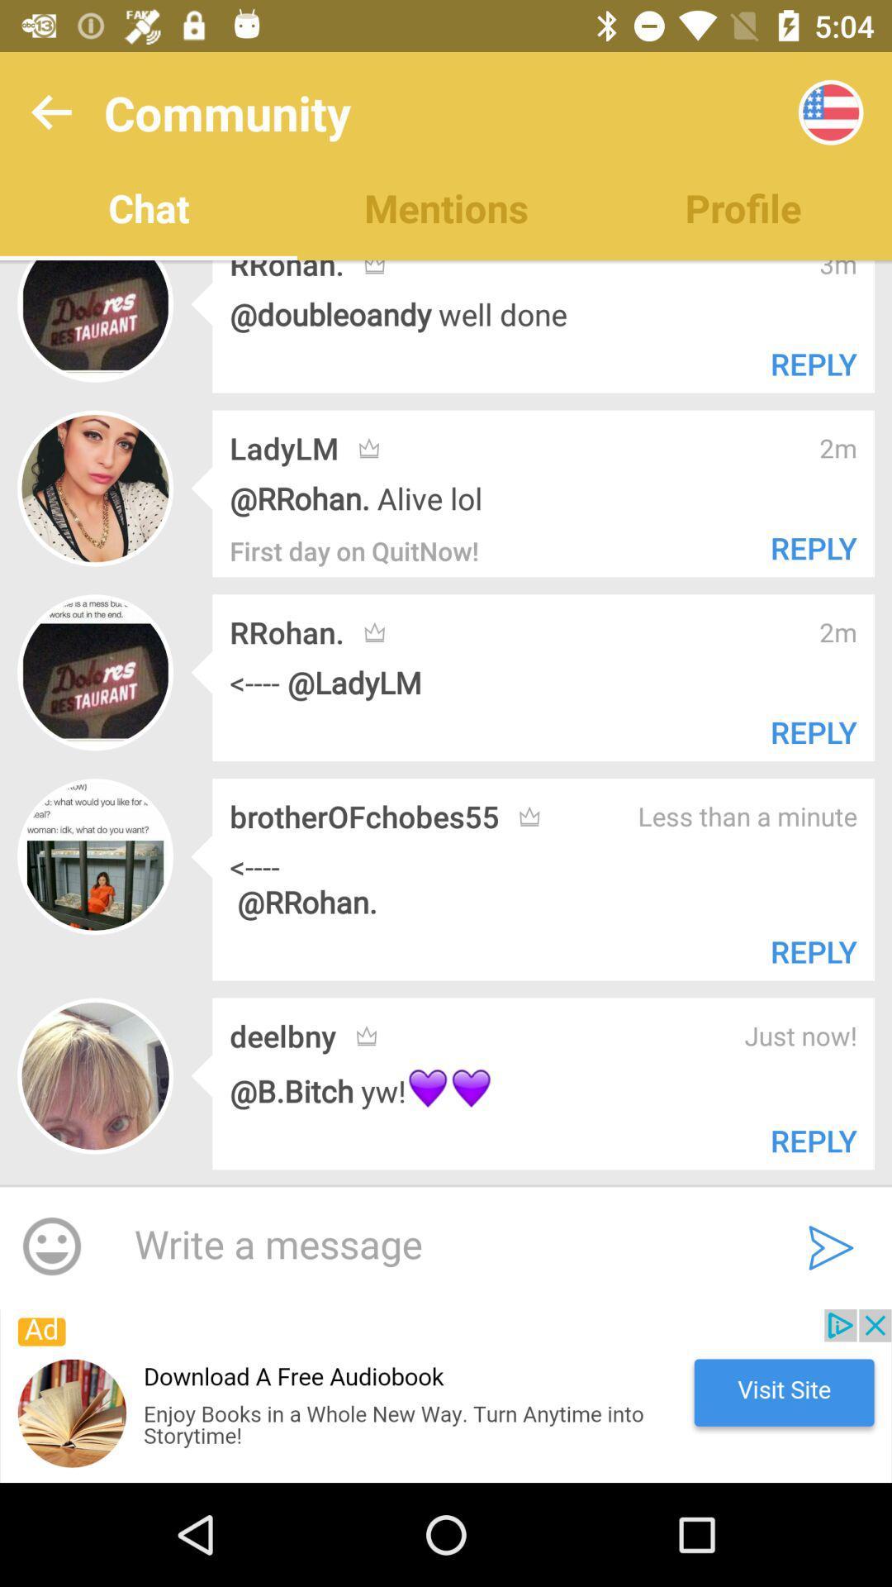 The image size is (892, 1587). Describe the element at coordinates (446, 1395) in the screenshot. I see `open advertisement` at that location.